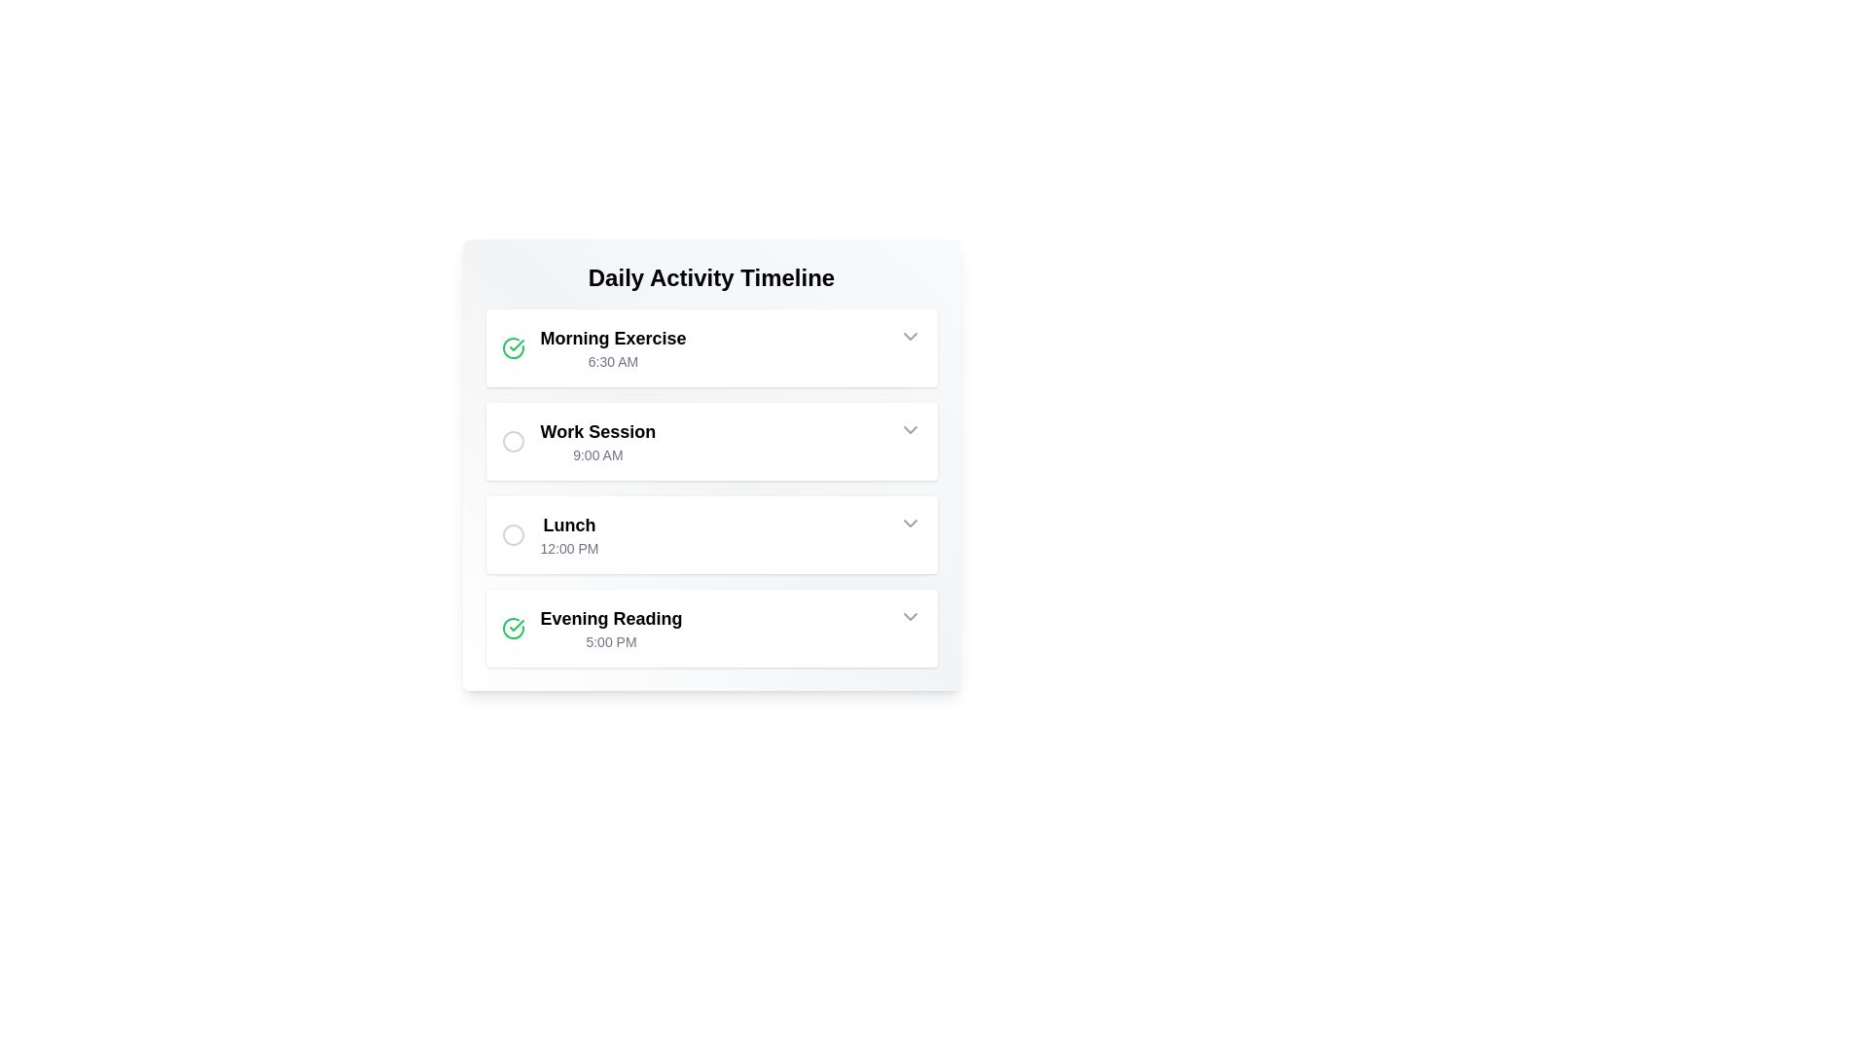  What do you see at coordinates (596, 442) in the screenshot?
I see `text of the scheduled activity 'Work Session' which occurs at 9:00 AM, positioned second in a vertical list of scheduled activities` at bounding box center [596, 442].